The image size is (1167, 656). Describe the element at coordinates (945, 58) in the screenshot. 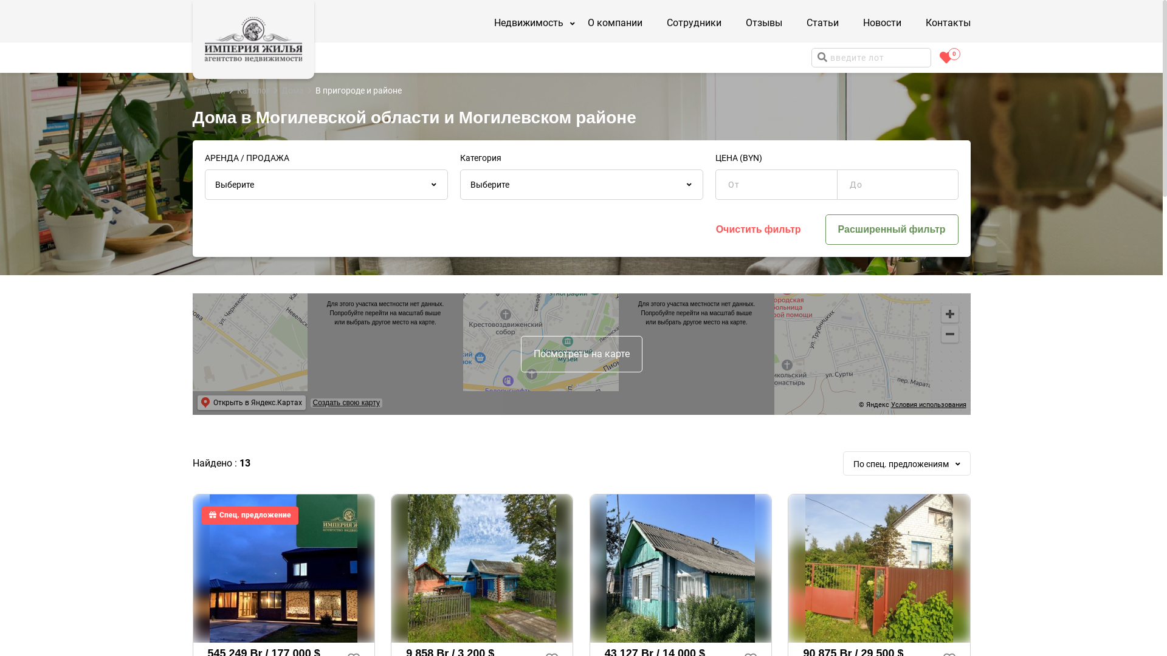

I see `'0'` at that location.